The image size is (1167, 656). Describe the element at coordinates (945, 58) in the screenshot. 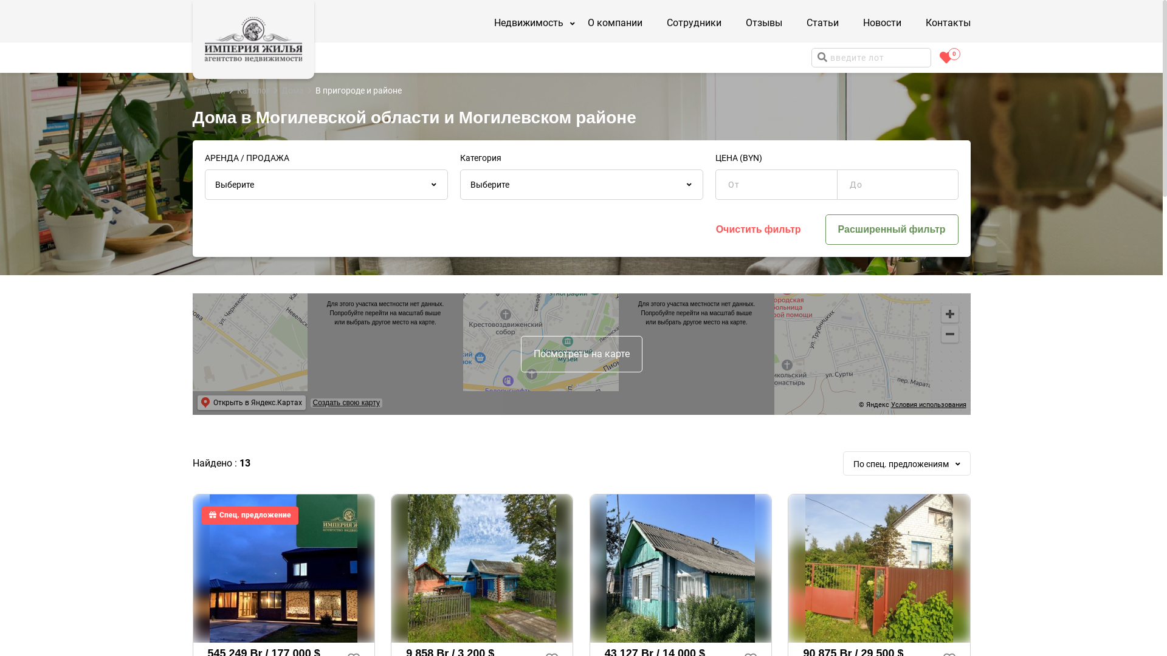

I see `'0'` at that location.